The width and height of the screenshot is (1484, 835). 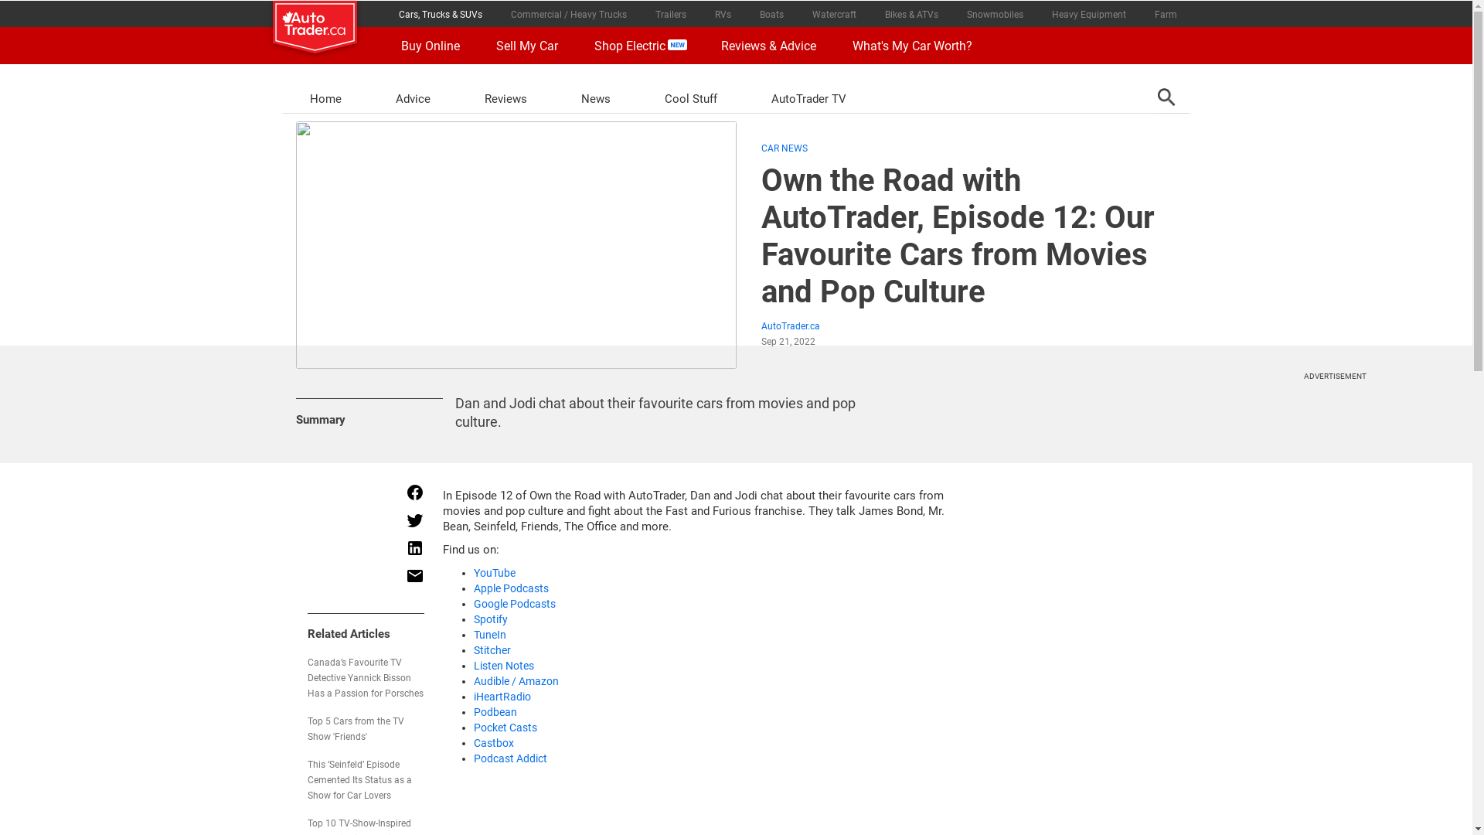 What do you see at coordinates (505, 98) in the screenshot?
I see `'Reviews'` at bounding box center [505, 98].